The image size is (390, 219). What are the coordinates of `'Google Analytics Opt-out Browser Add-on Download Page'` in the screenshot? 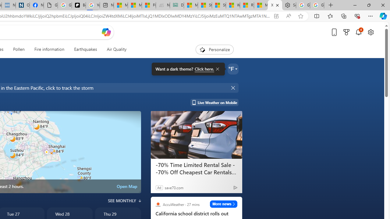 It's located at (51, 5).